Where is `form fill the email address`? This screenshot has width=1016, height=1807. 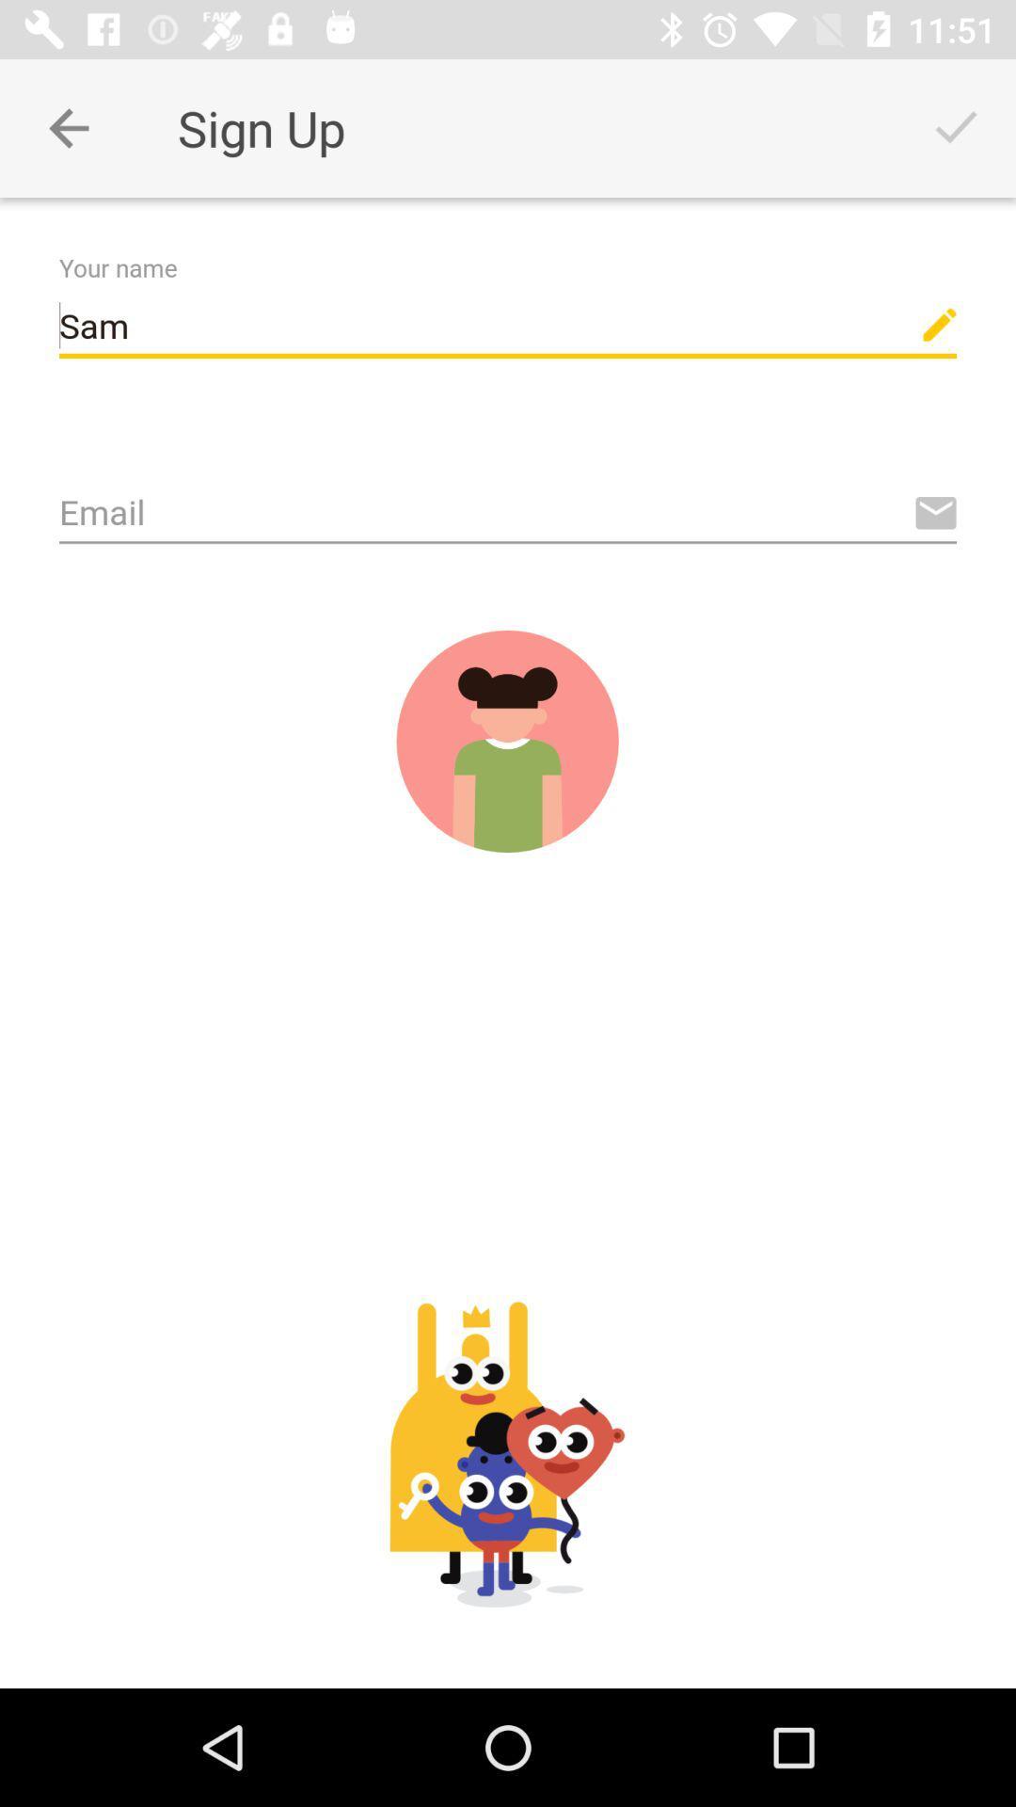 form fill the email address is located at coordinates (508, 514).